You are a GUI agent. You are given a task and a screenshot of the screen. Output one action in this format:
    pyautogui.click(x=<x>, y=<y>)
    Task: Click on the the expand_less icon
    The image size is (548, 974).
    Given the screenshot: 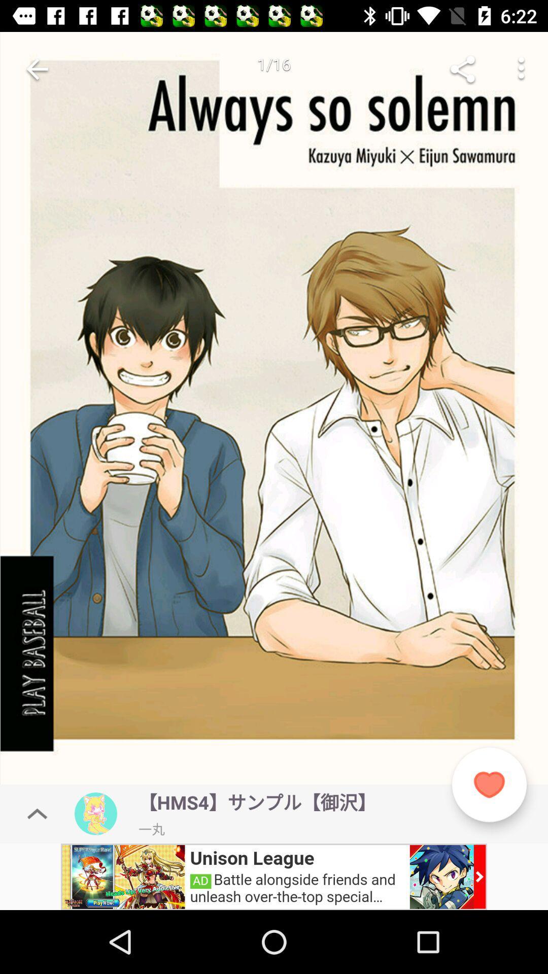 What is the action you would take?
    pyautogui.click(x=37, y=814)
    